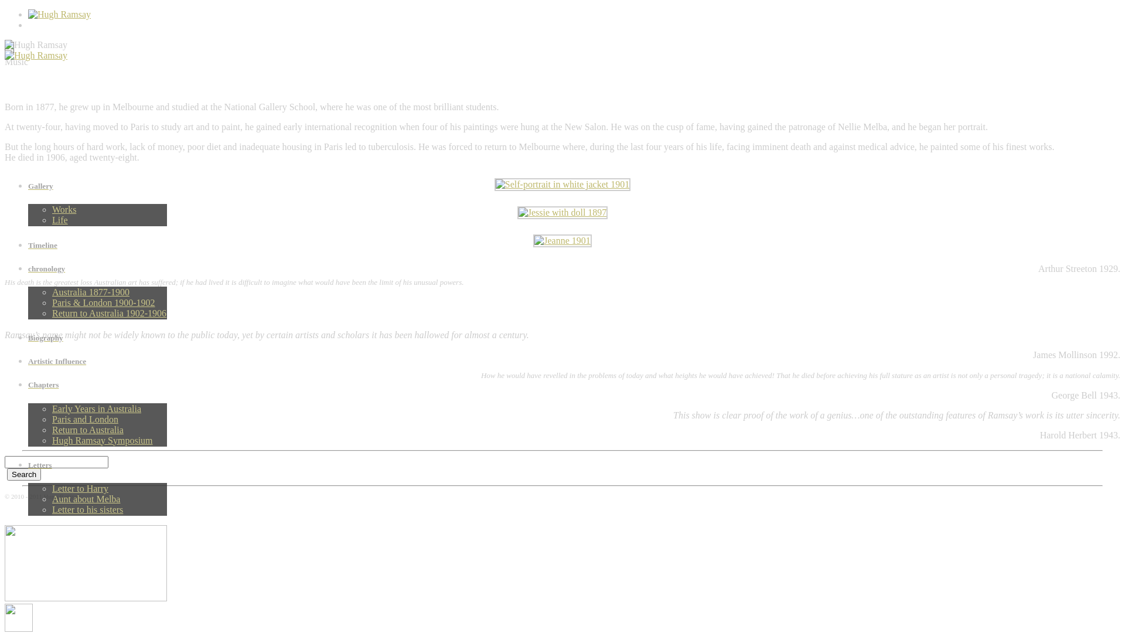  I want to click on 'Artistic Influence', so click(97, 361).